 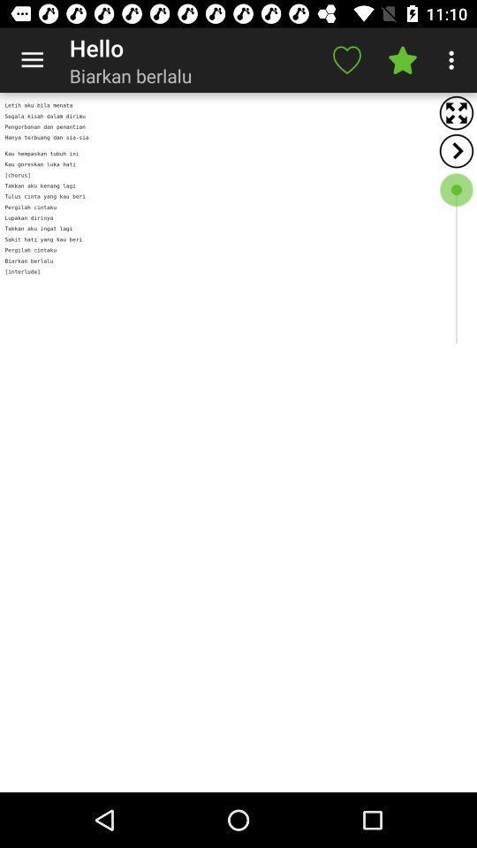 What do you see at coordinates (456, 150) in the screenshot?
I see `back button` at bounding box center [456, 150].